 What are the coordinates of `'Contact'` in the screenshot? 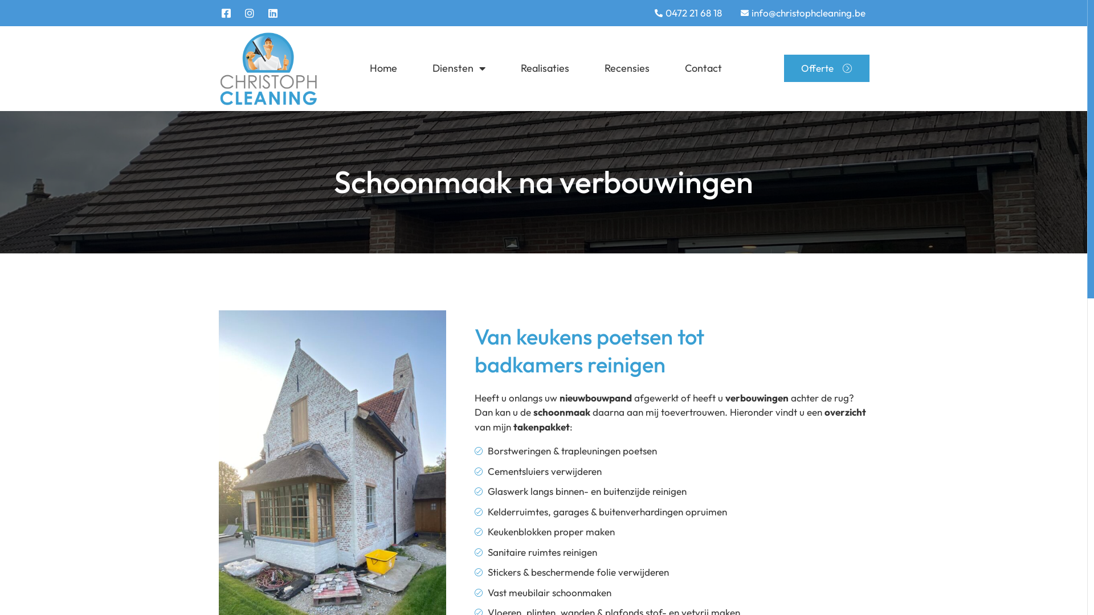 It's located at (703, 68).